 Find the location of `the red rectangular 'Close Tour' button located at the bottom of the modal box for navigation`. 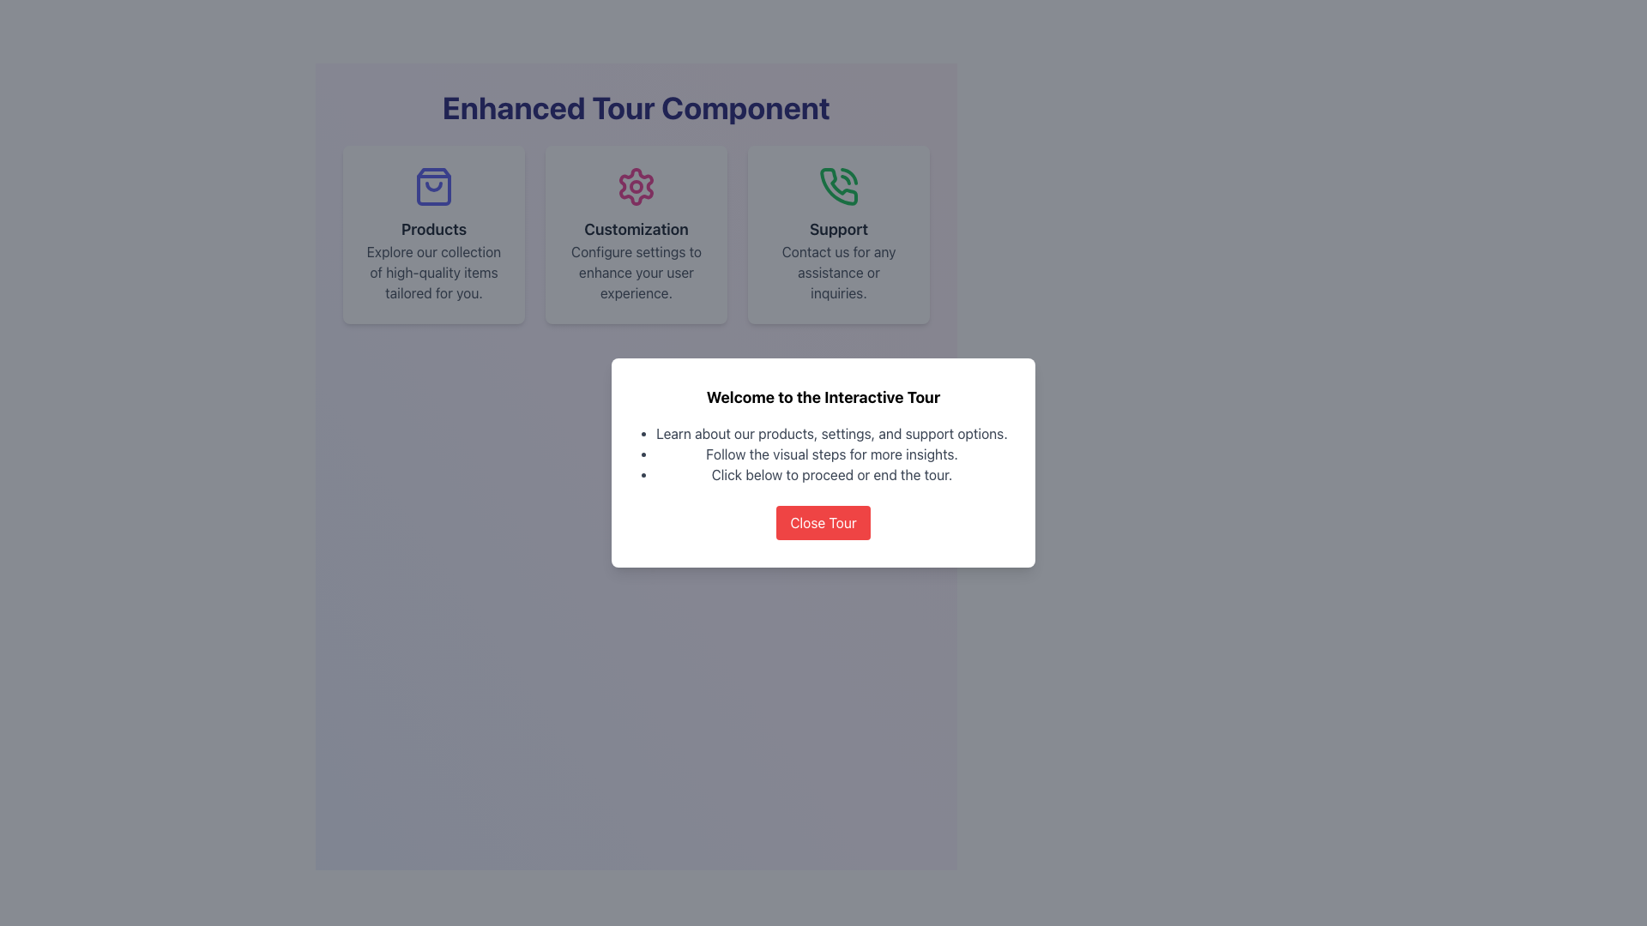

the red rectangular 'Close Tour' button located at the bottom of the modal box for navigation is located at coordinates (823, 521).